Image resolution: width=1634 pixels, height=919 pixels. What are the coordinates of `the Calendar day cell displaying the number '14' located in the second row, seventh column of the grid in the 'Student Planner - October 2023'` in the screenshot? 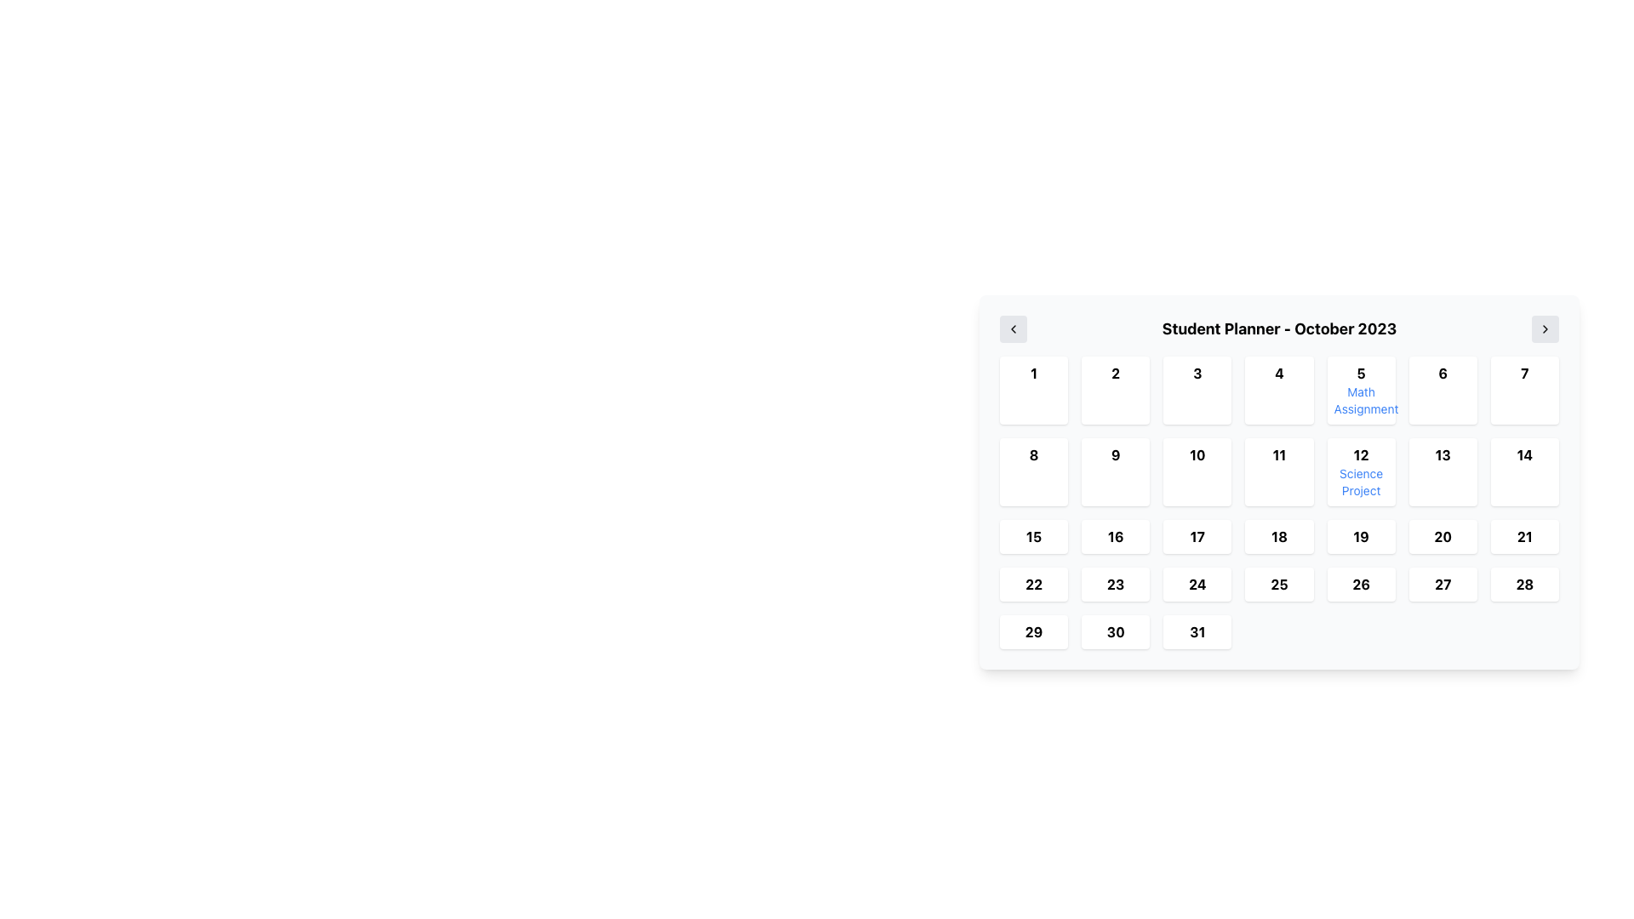 It's located at (1524, 472).